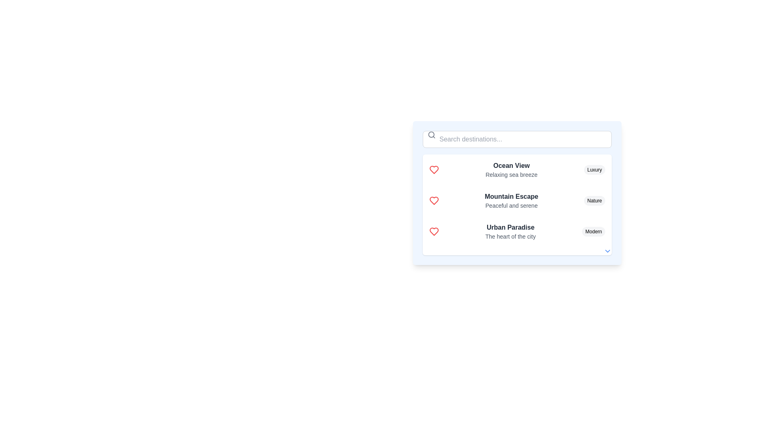  Describe the element at coordinates (511, 174) in the screenshot. I see `the label displaying 'Relaxing sea breeze', which is styled in light gray and located under the 'Ocean View' heading within a card layout` at that location.